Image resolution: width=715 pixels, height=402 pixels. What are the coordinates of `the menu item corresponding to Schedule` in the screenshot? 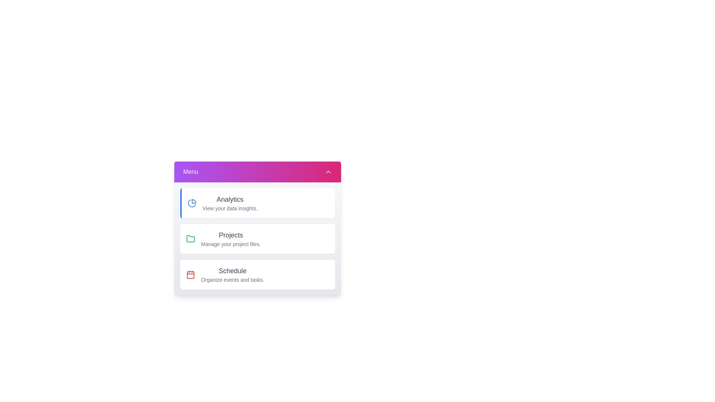 It's located at (257, 274).